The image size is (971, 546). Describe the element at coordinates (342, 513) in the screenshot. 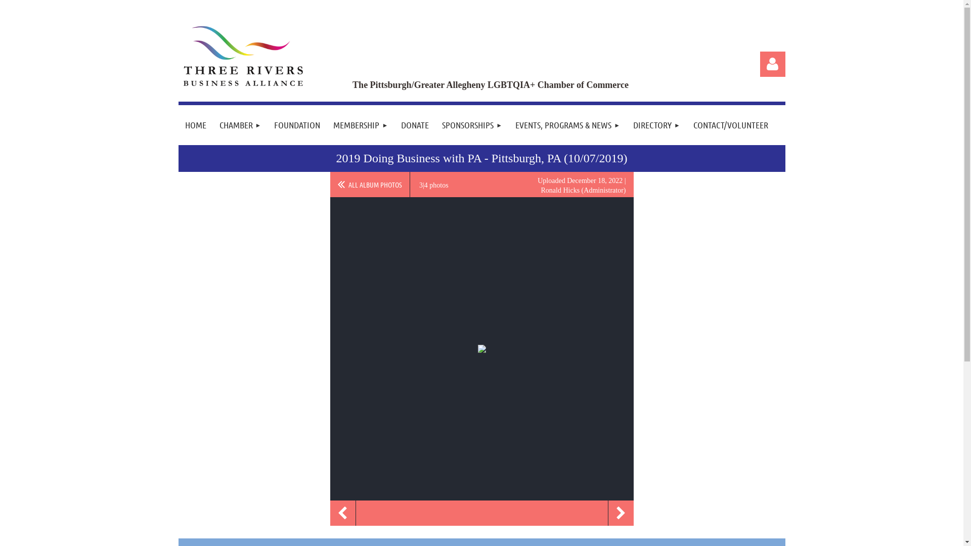

I see `'Previous'` at that location.